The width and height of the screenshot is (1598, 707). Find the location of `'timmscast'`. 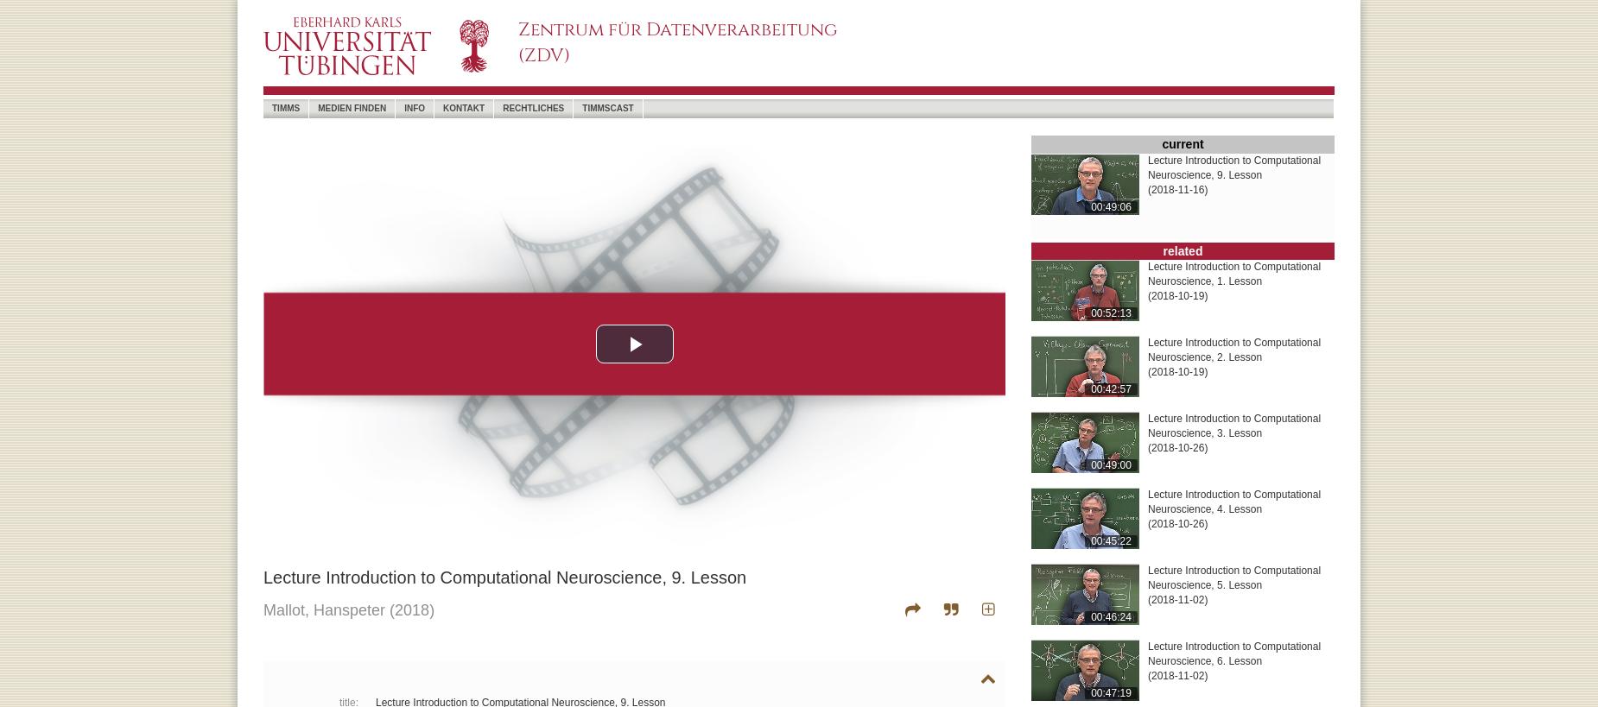

'timmscast' is located at coordinates (607, 107).